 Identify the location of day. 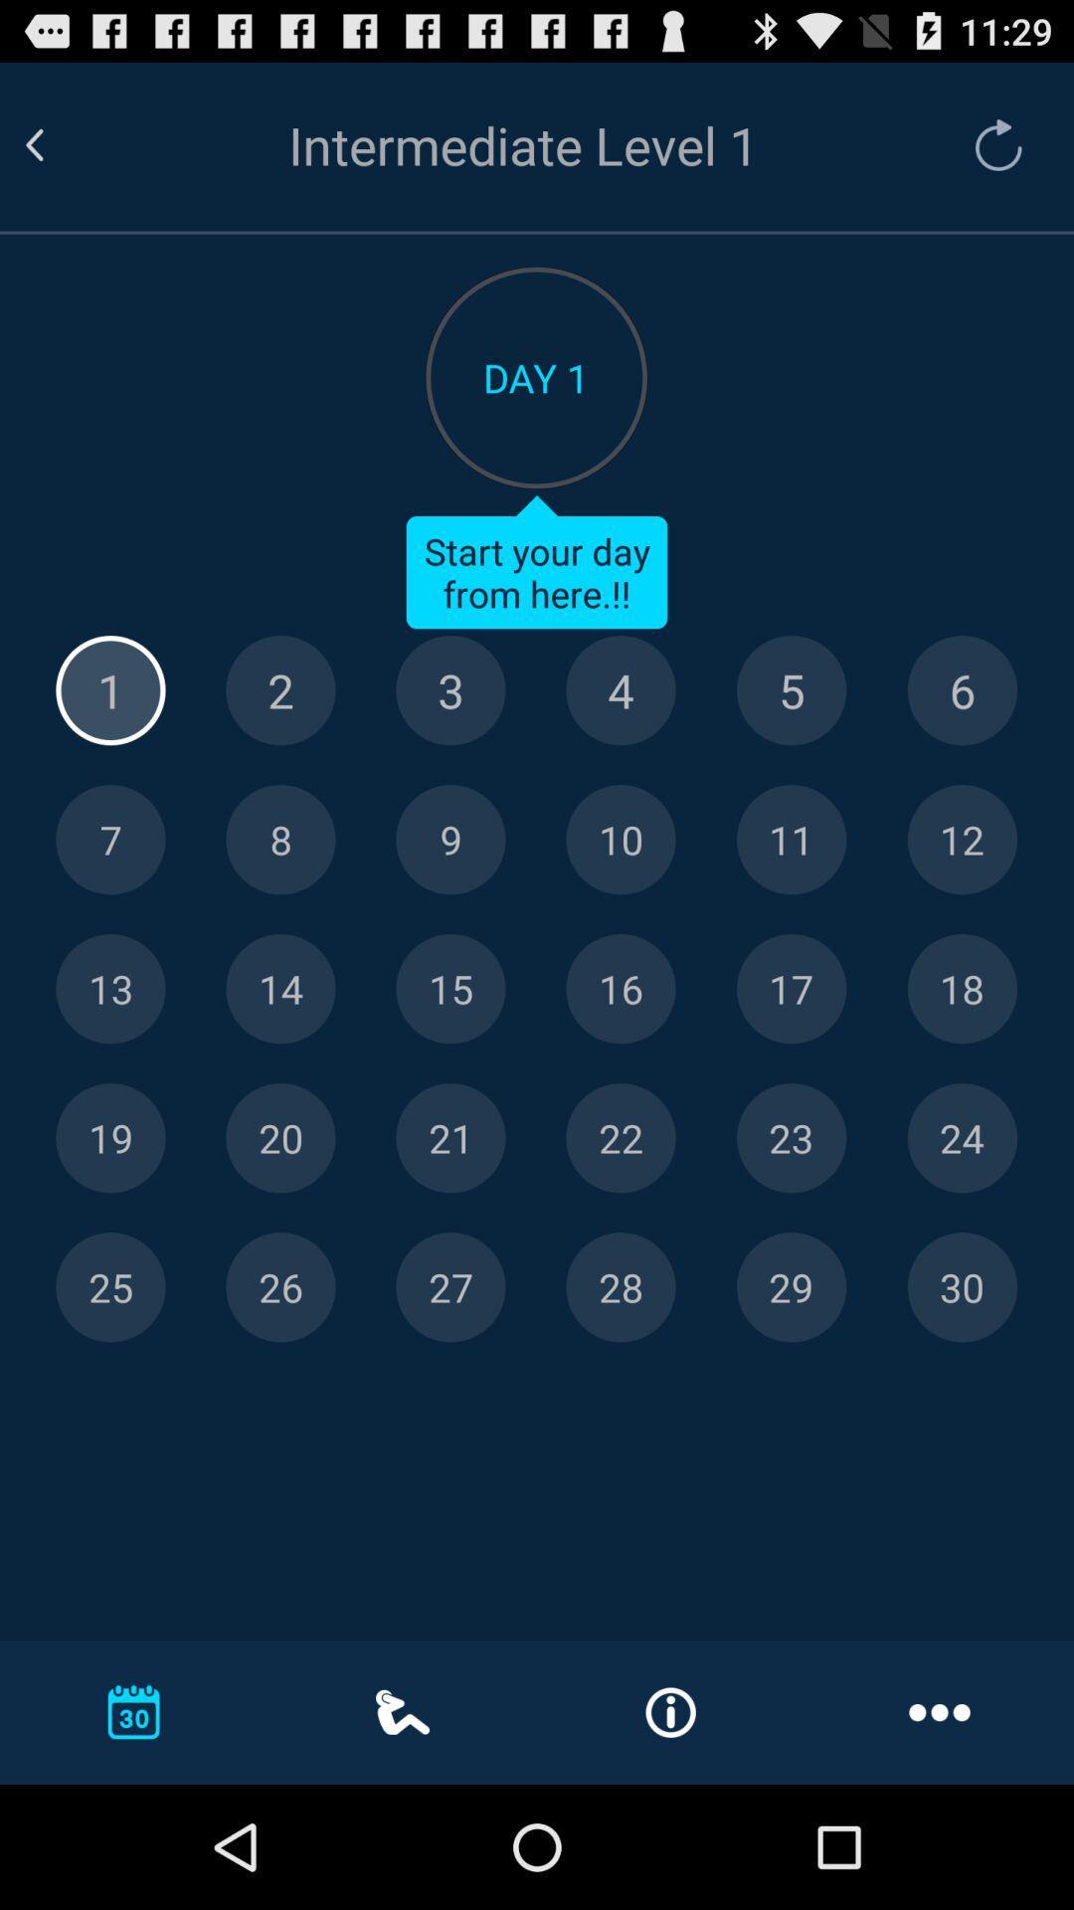
(110, 840).